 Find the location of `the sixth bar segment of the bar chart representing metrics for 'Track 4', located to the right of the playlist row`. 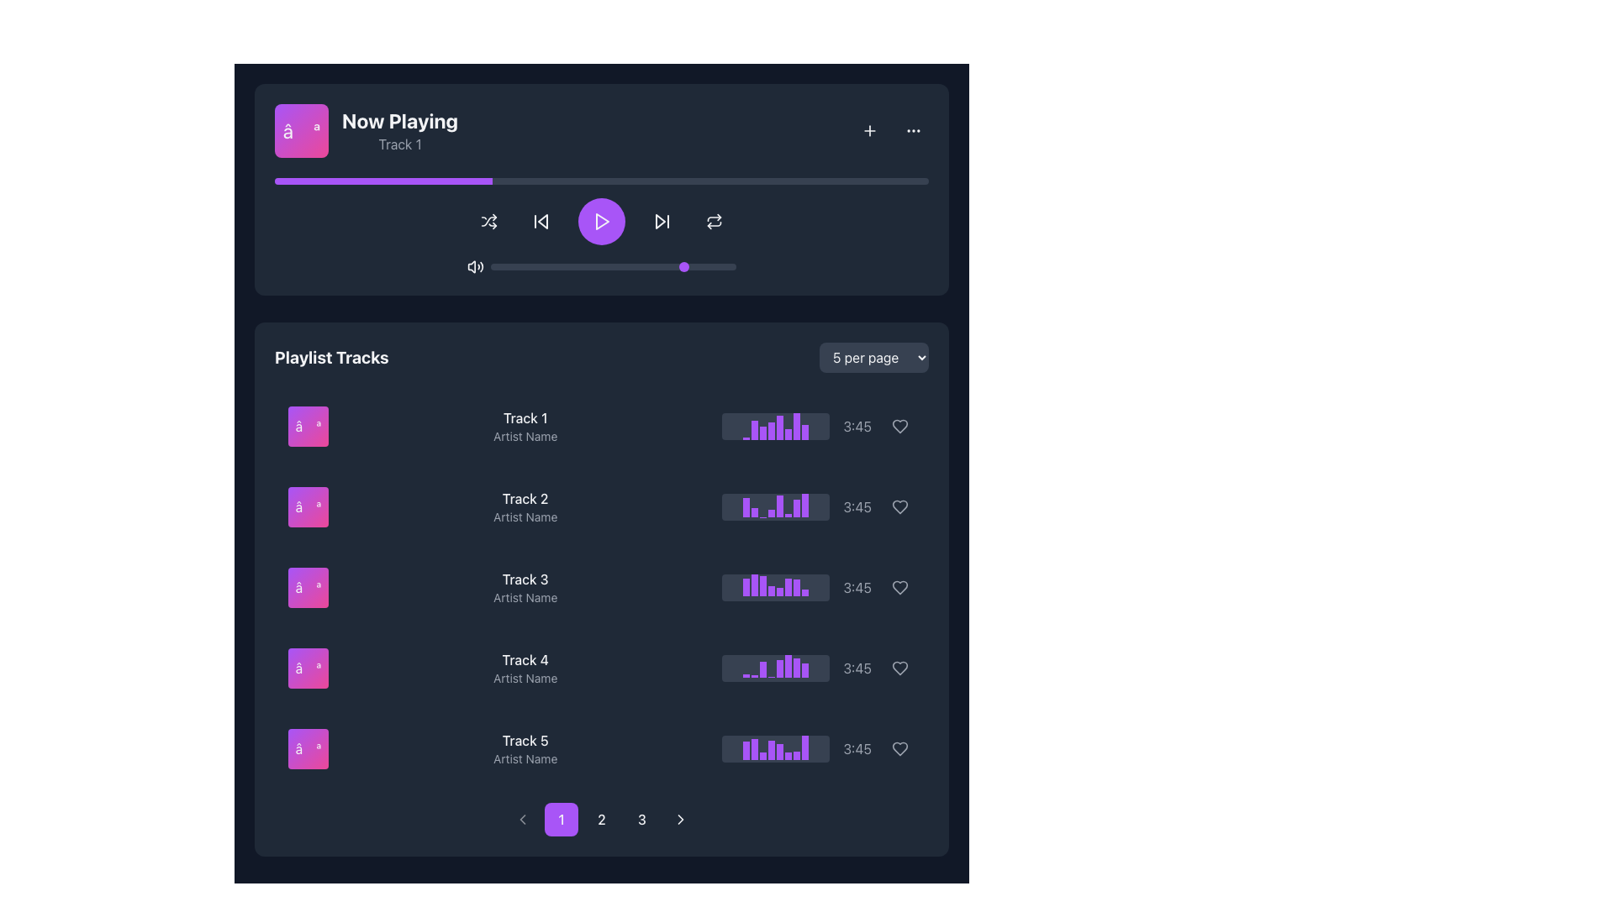

the sixth bar segment of the bar chart representing metrics for 'Track 4', located to the right of the playlist row is located at coordinates (788, 665).